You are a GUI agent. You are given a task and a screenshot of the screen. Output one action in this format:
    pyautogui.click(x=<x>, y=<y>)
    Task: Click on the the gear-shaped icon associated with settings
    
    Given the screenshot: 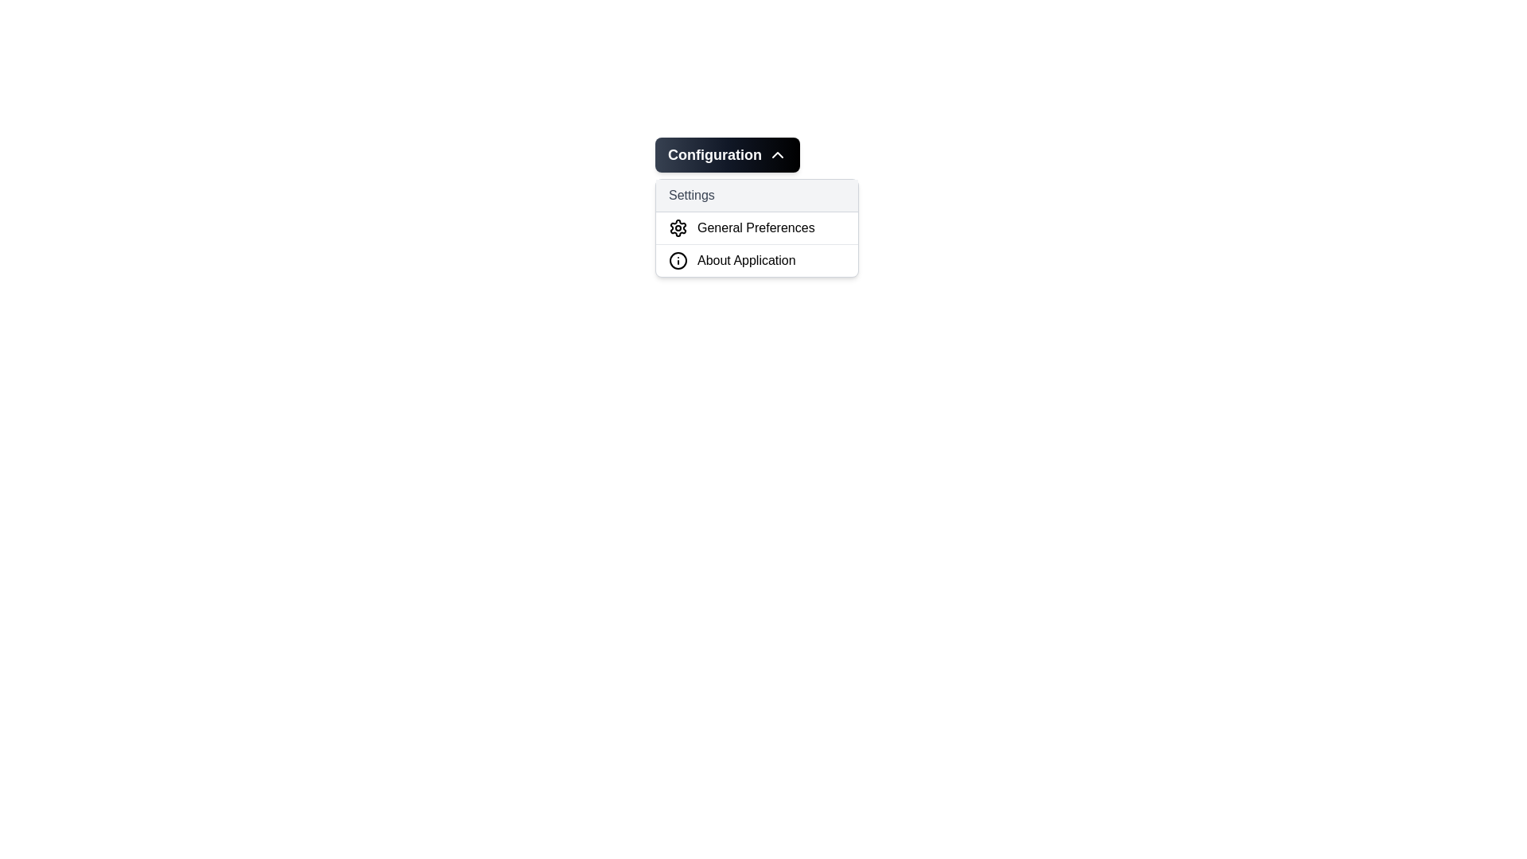 What is the action you would take?
    pyautogui.click(x=678, y=227)
    